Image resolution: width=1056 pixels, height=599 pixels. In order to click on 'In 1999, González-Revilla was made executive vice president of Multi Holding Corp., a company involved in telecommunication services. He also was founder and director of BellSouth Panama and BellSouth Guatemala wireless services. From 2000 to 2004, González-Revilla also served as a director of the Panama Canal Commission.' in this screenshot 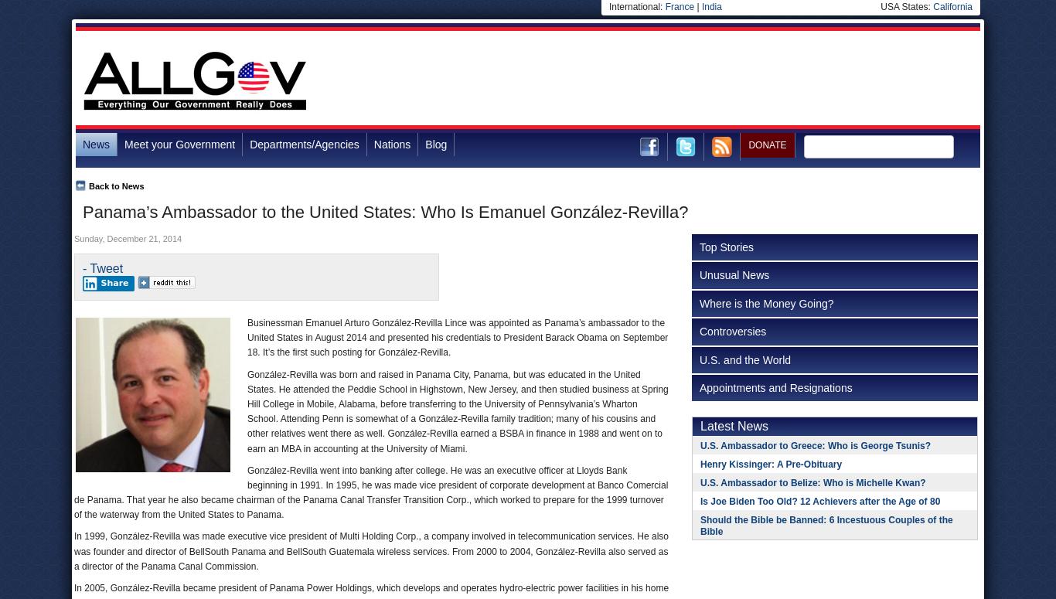, I will do `click(371, 551)`.